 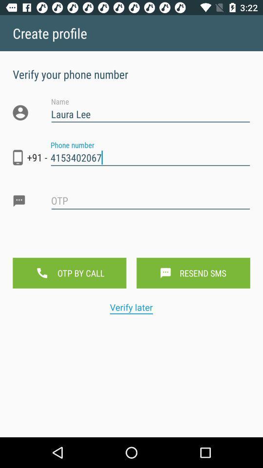 What do you see at coordinates (150, 209) in the screenshot?
I see `password space` at bounding box center [150, 209].